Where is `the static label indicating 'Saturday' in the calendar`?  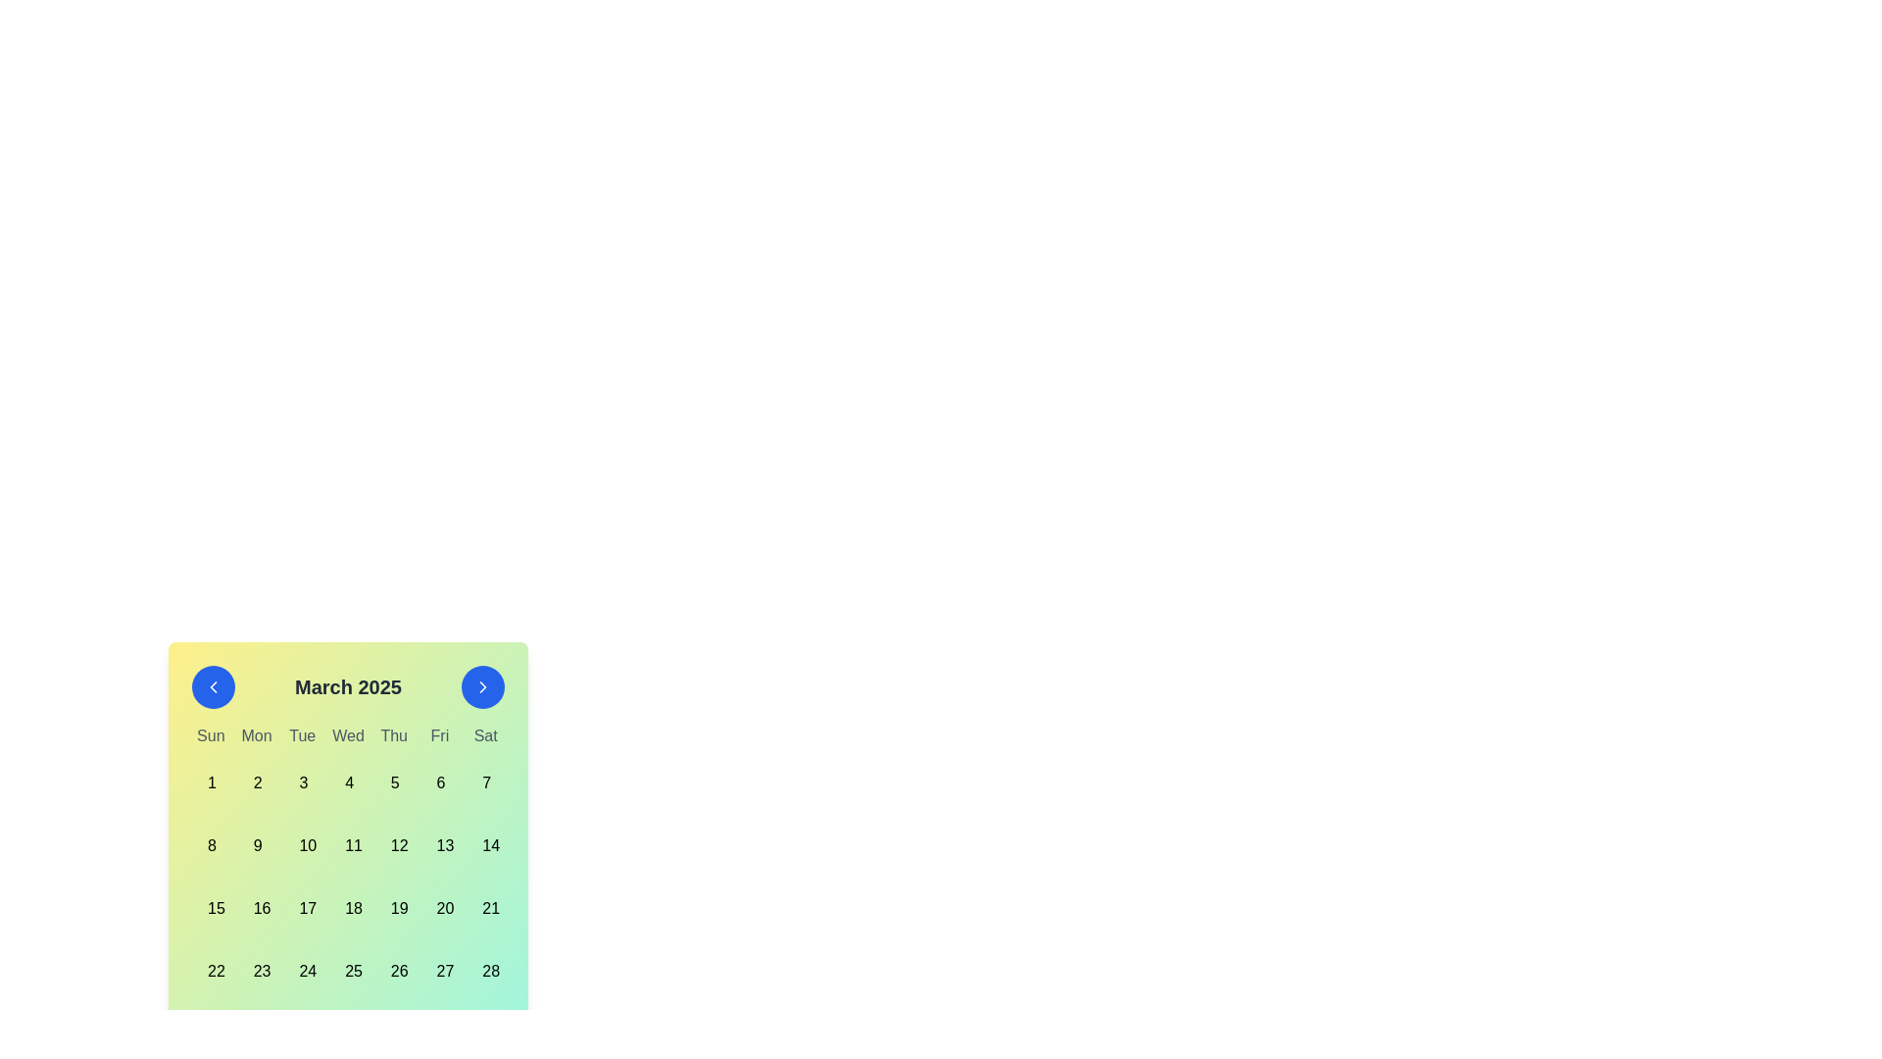 the static label indicating 'Saturday' in the calendar is located at coordinates (485, 736).